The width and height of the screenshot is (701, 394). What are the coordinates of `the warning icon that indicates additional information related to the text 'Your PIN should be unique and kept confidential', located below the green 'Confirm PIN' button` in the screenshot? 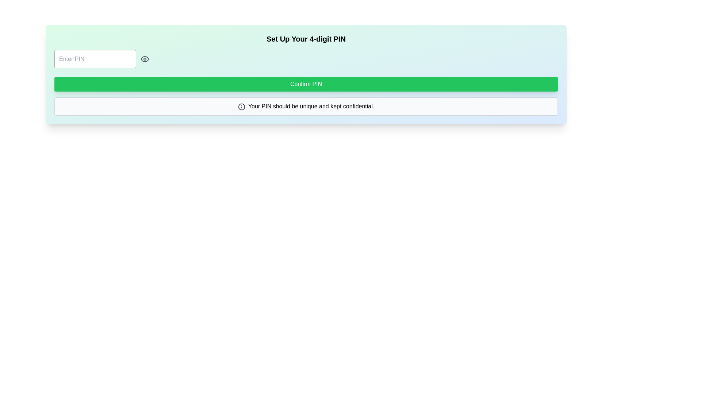 It's located at (241, 107).